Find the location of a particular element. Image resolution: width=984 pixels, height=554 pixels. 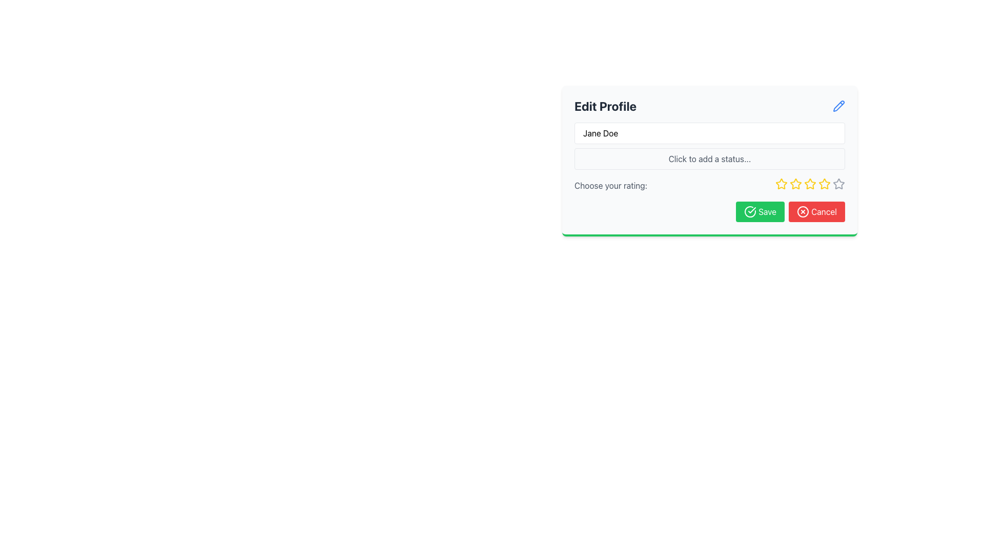

the fourth star in the rating bar located beneath the 'Choose your rating:' label is located at coordinates (809, 183).